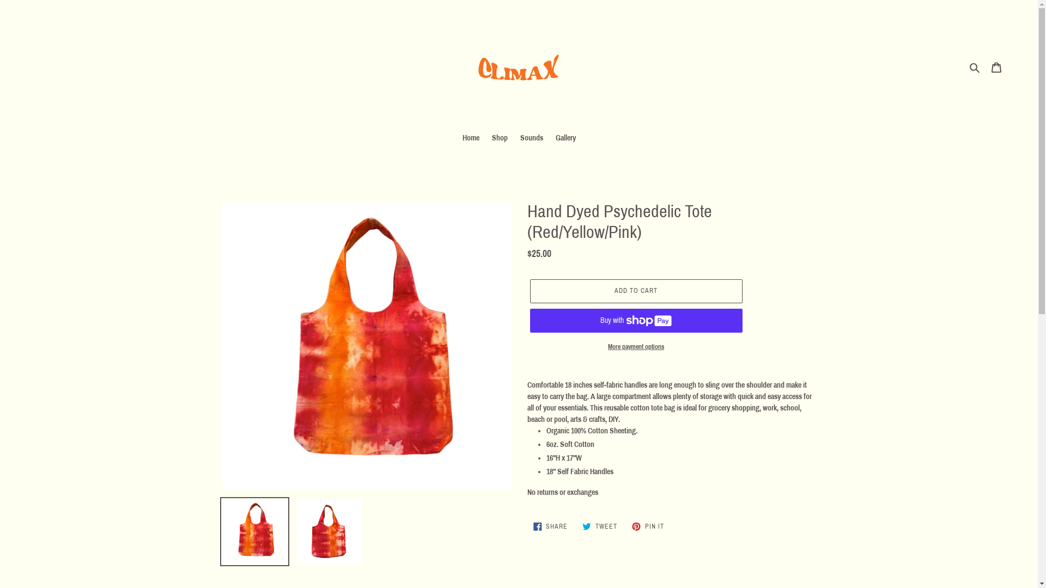  What do you see at coordinates (975, 67) in the screenshot?
I see `'Search'` at bounding box center [975, 67].